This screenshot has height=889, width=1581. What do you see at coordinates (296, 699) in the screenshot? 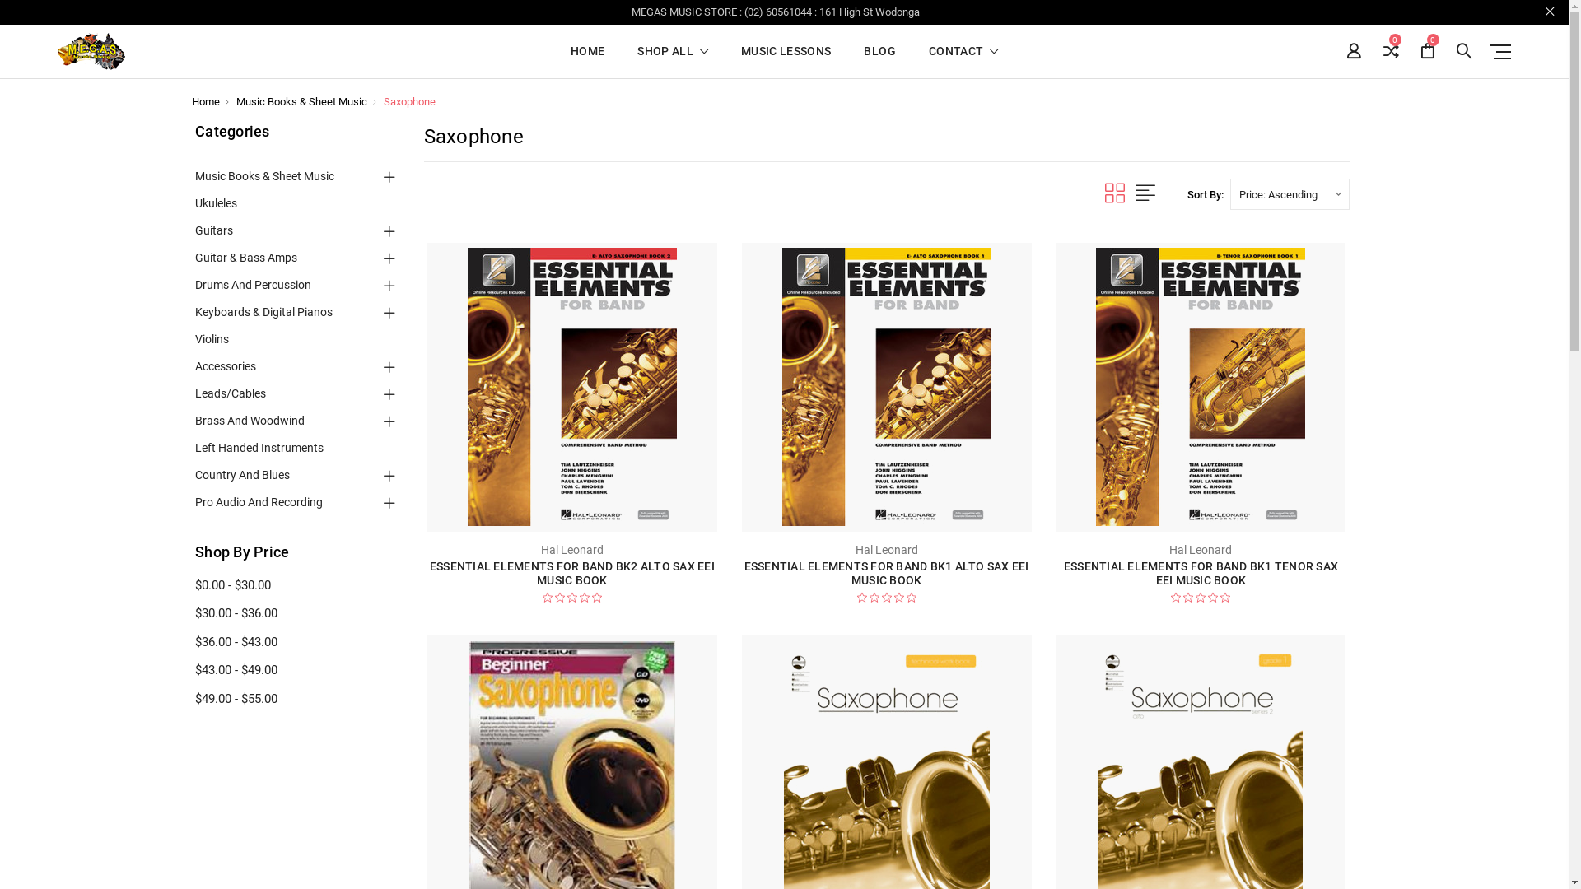
I see `'$49.00 - $55.00'` at bounding box center [296, 699].